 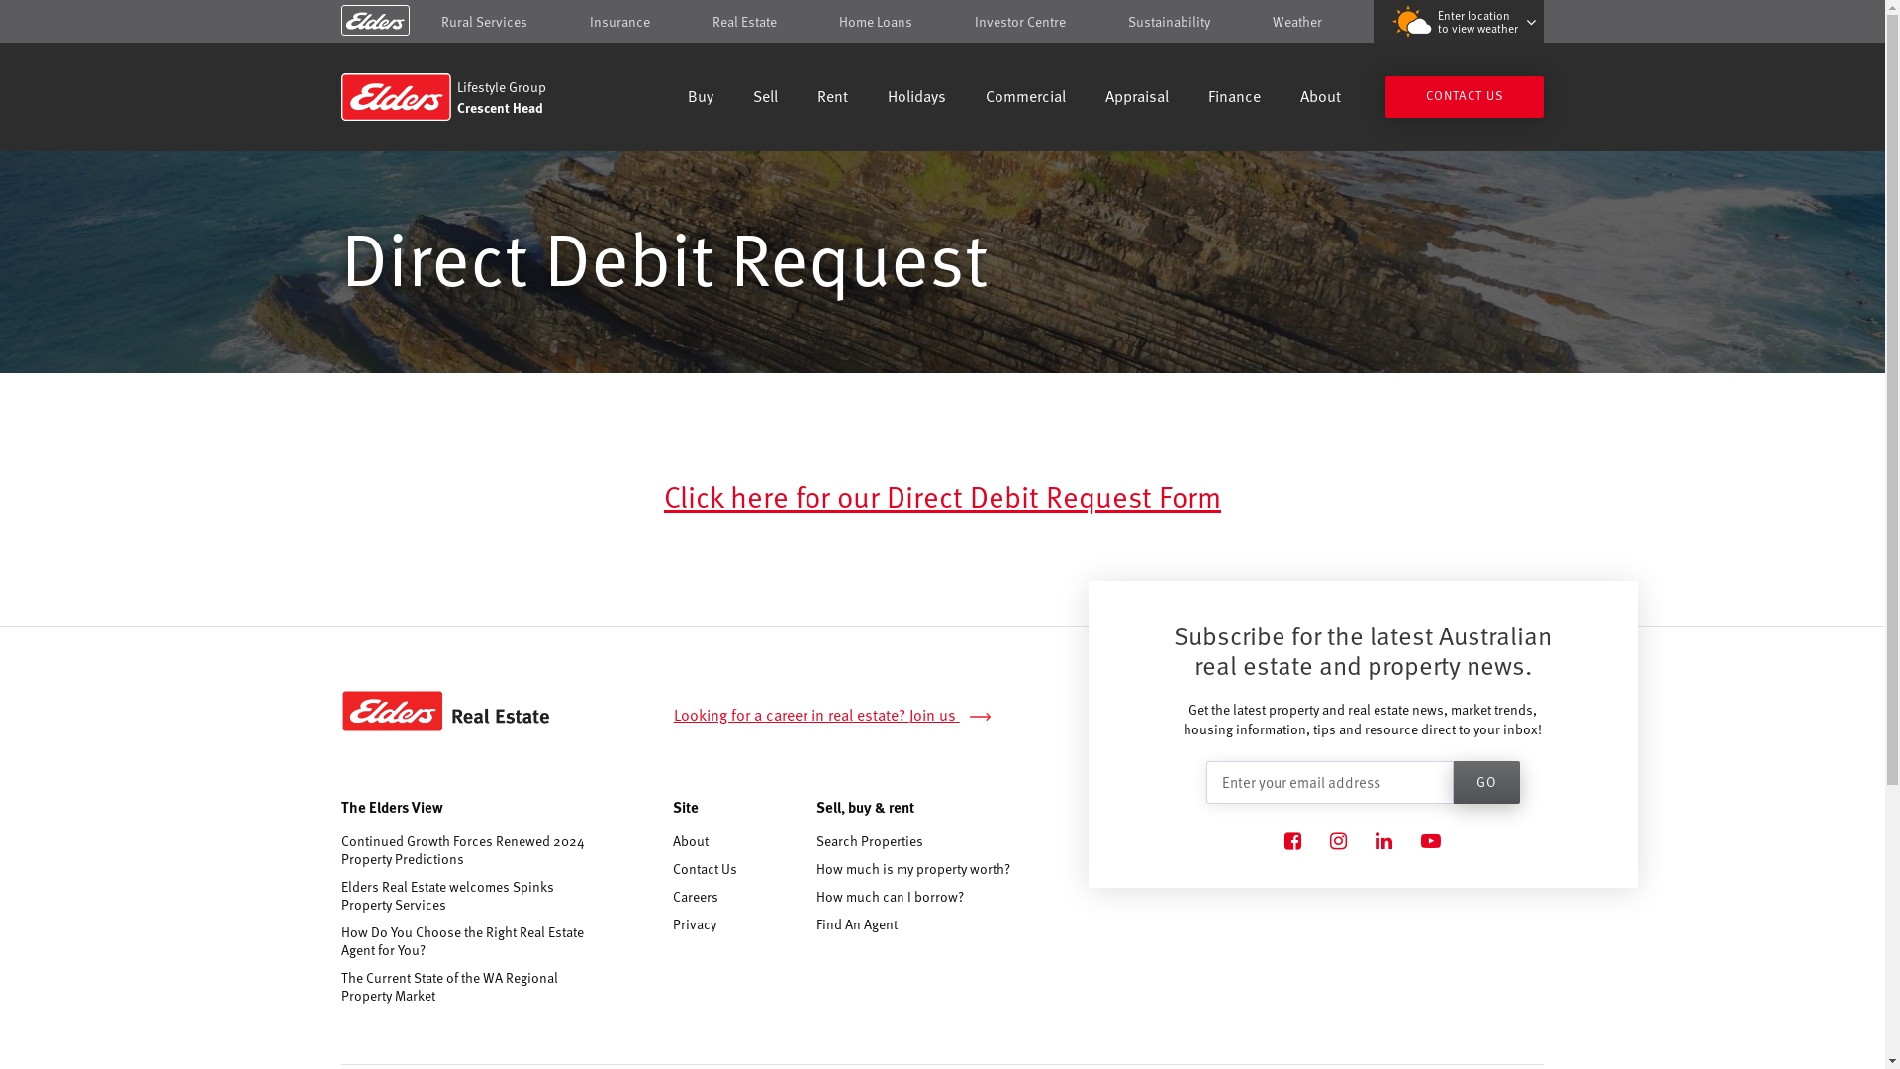 What do you see at coordinates (941, 494) in the screenshot?
I see `'Click here for our Direct Debit Request Form'` at bounding box center [941, 494].